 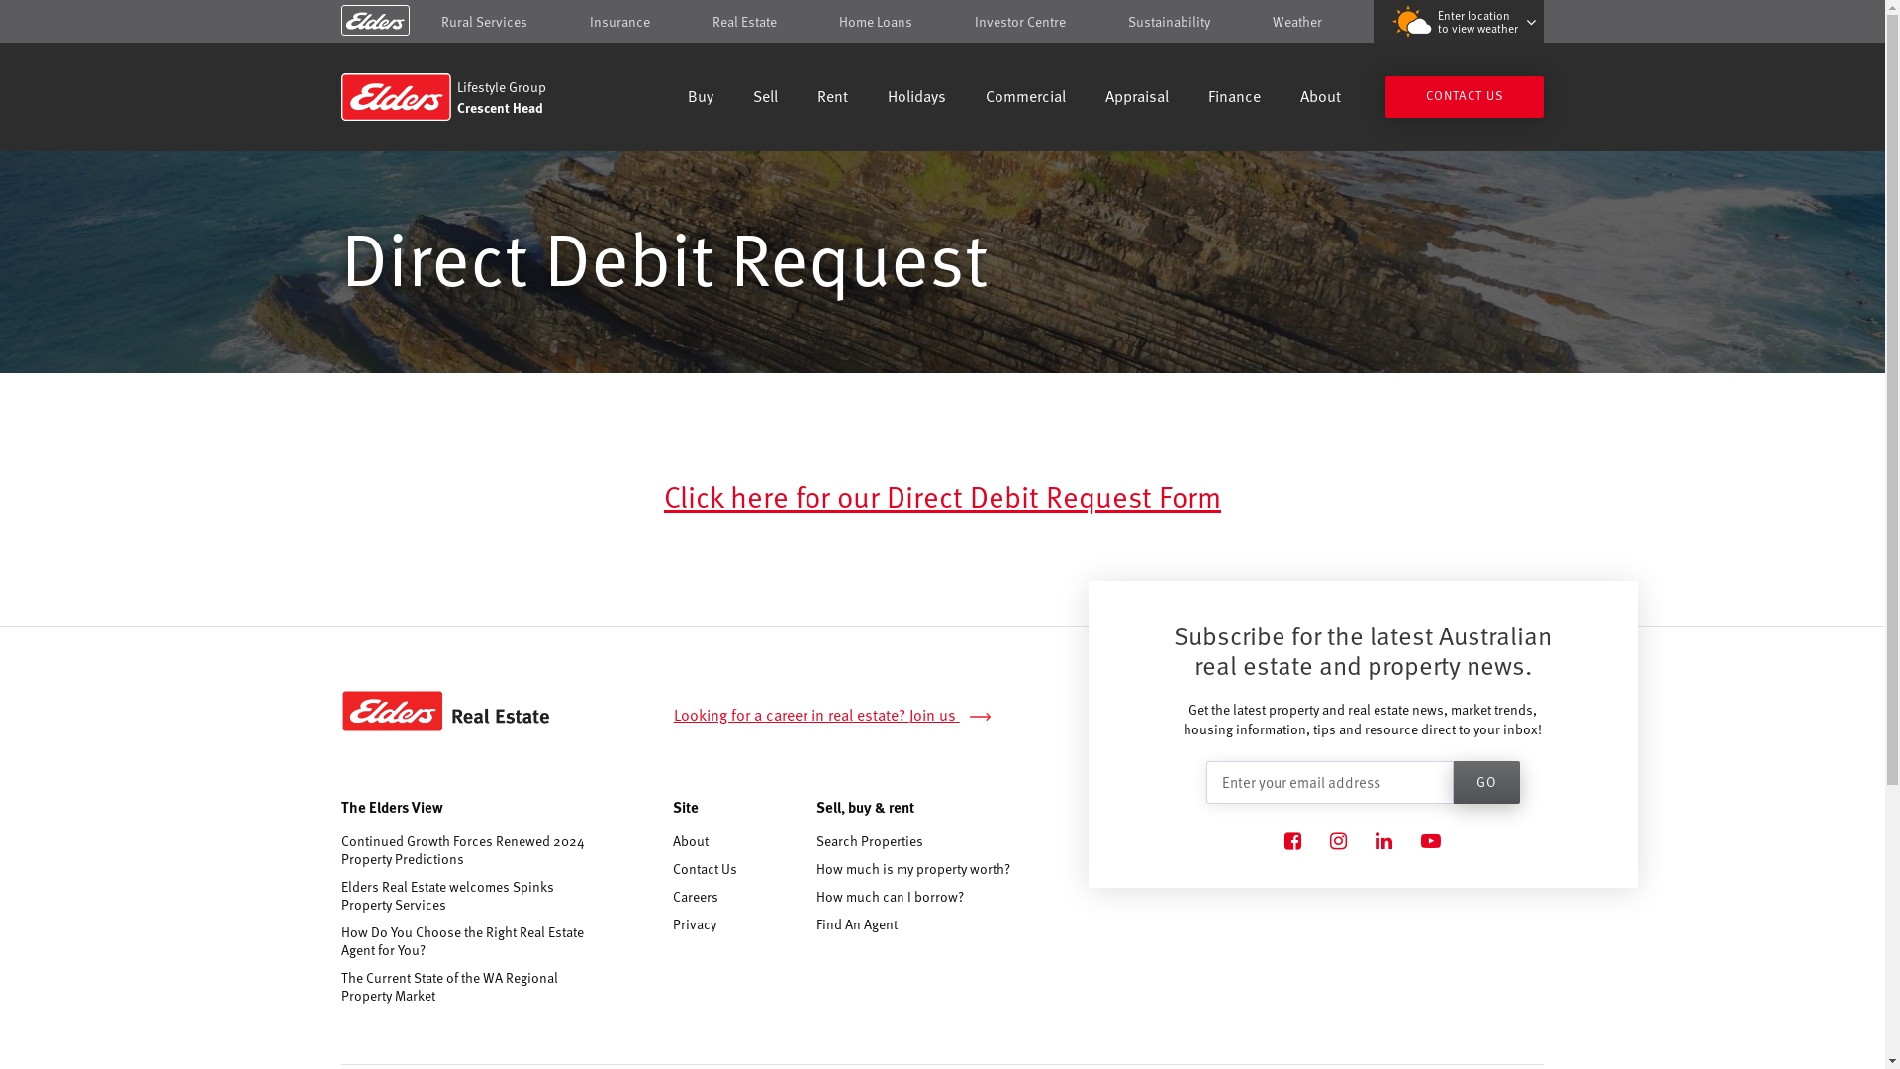 What do you see at coordinates (941, 494) in the screenshot?
I see `'Click here for our Direct Debit Request Form'` at bounding box center [941, 494].